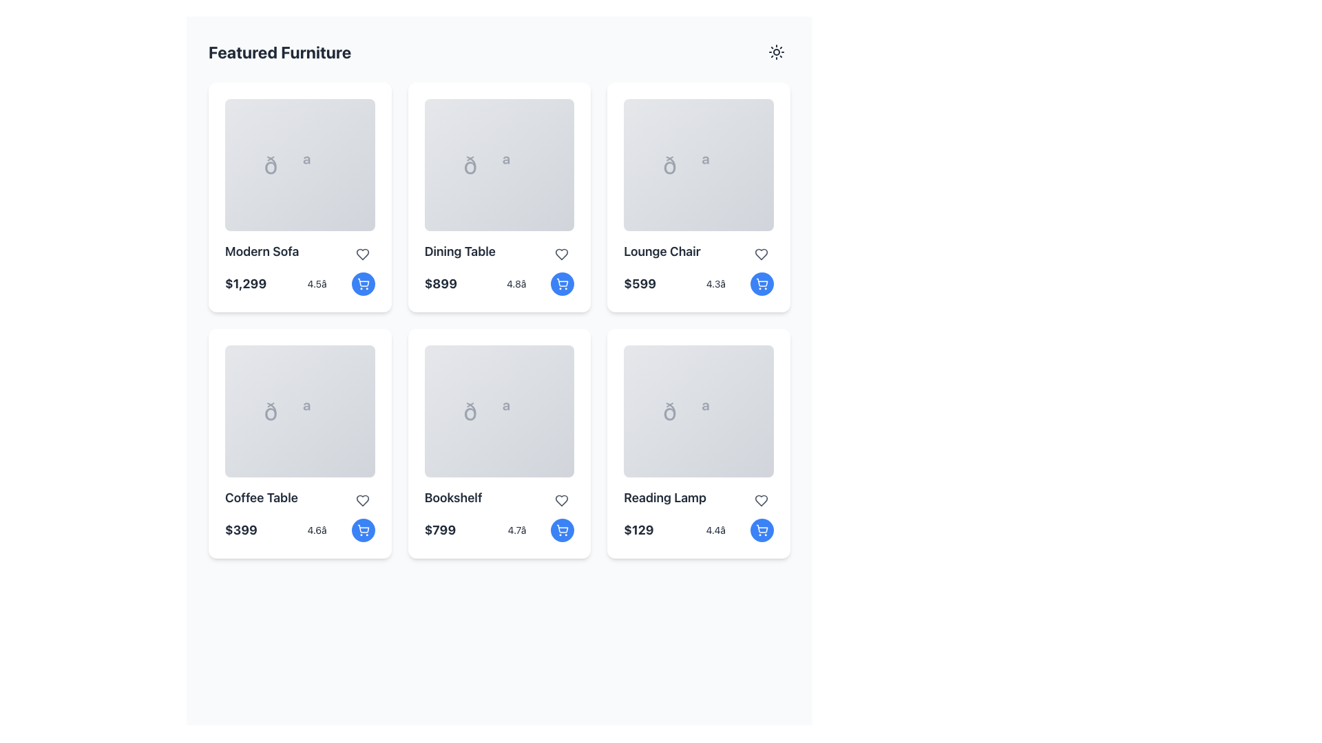  What do you see at coordinates (563, 530) in the screenshot?
I see `the button located in the bottom-right corner of the 'Bookshelf' product card` at bounding box center [563, 530].